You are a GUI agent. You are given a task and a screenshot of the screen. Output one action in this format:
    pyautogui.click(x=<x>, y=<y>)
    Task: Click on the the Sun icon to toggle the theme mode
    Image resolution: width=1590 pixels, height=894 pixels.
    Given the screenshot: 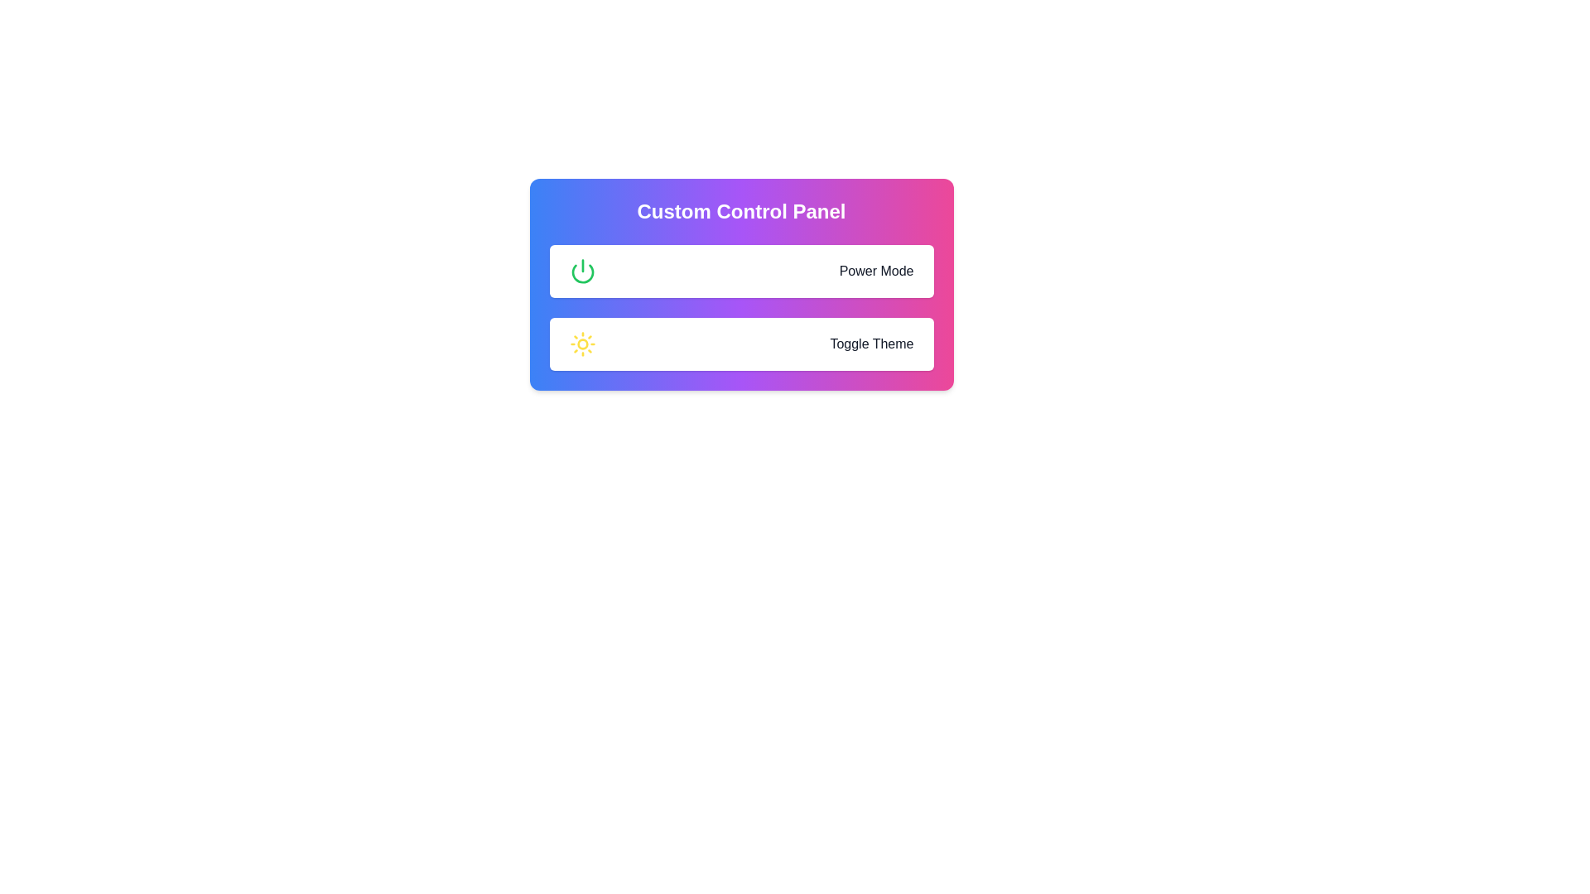 What is the action you would take?
    pyautogui.click(x=582, y=344)
    